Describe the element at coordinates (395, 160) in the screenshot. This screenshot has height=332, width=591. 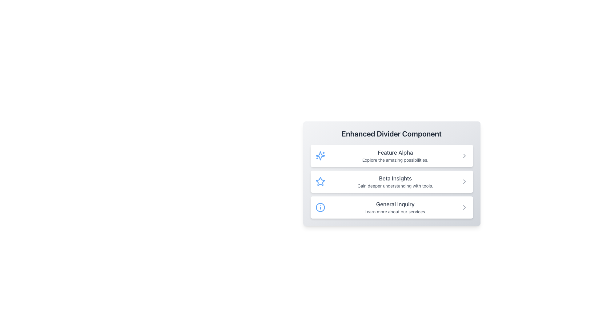
I see `informational text label that says 'Explore the amazing possibilities.' located below the 'Feature Alpha' title in the panel` at that location.